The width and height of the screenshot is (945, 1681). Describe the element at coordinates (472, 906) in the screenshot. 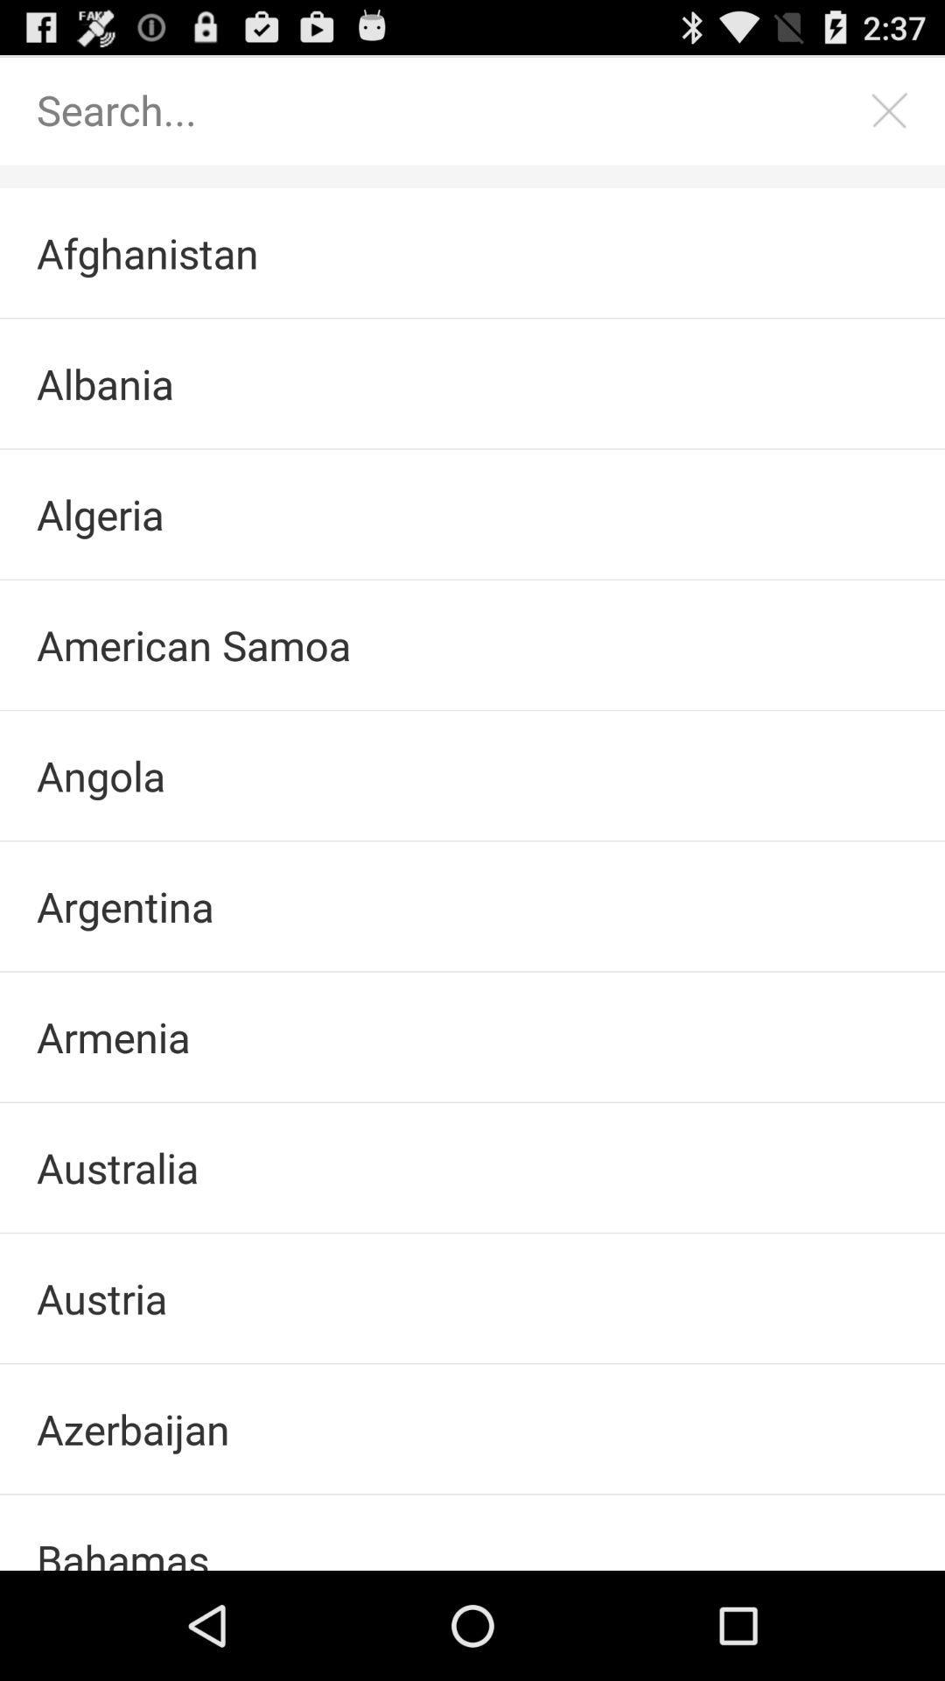

I see `argentina checkbox` at that location.